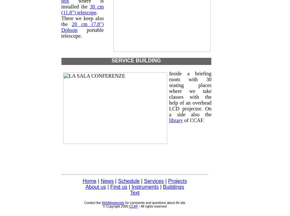 This screenshot has height=216, width=290. Describe the element at coordinates (154, 181) in the screenshot. I see `'Services'` at that location.